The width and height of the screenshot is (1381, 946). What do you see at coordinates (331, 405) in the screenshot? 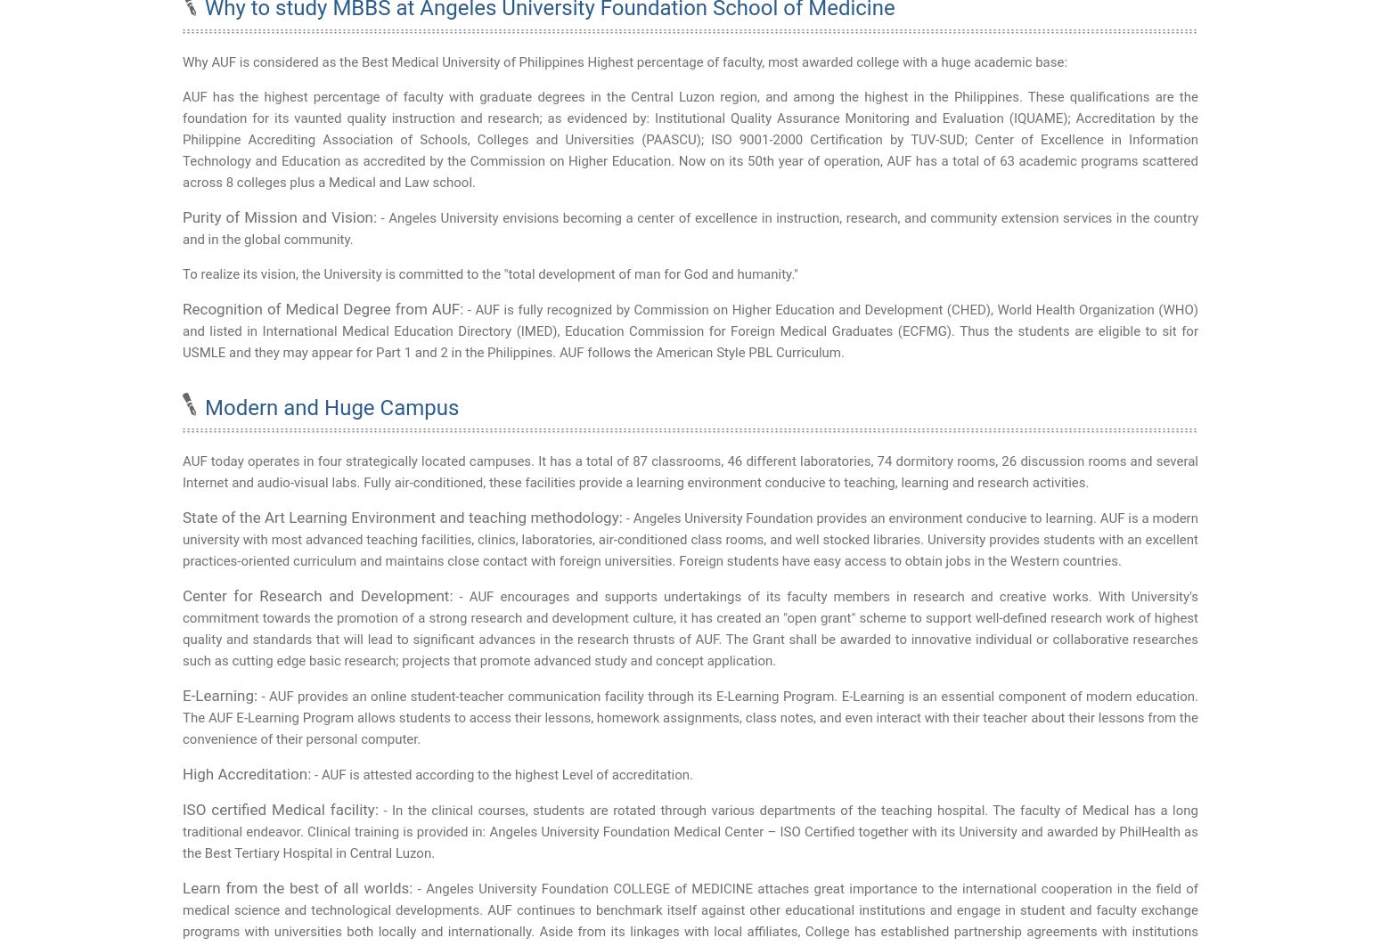
I see `'Modern and Huge Campus'` at bounding box center [331, 405].